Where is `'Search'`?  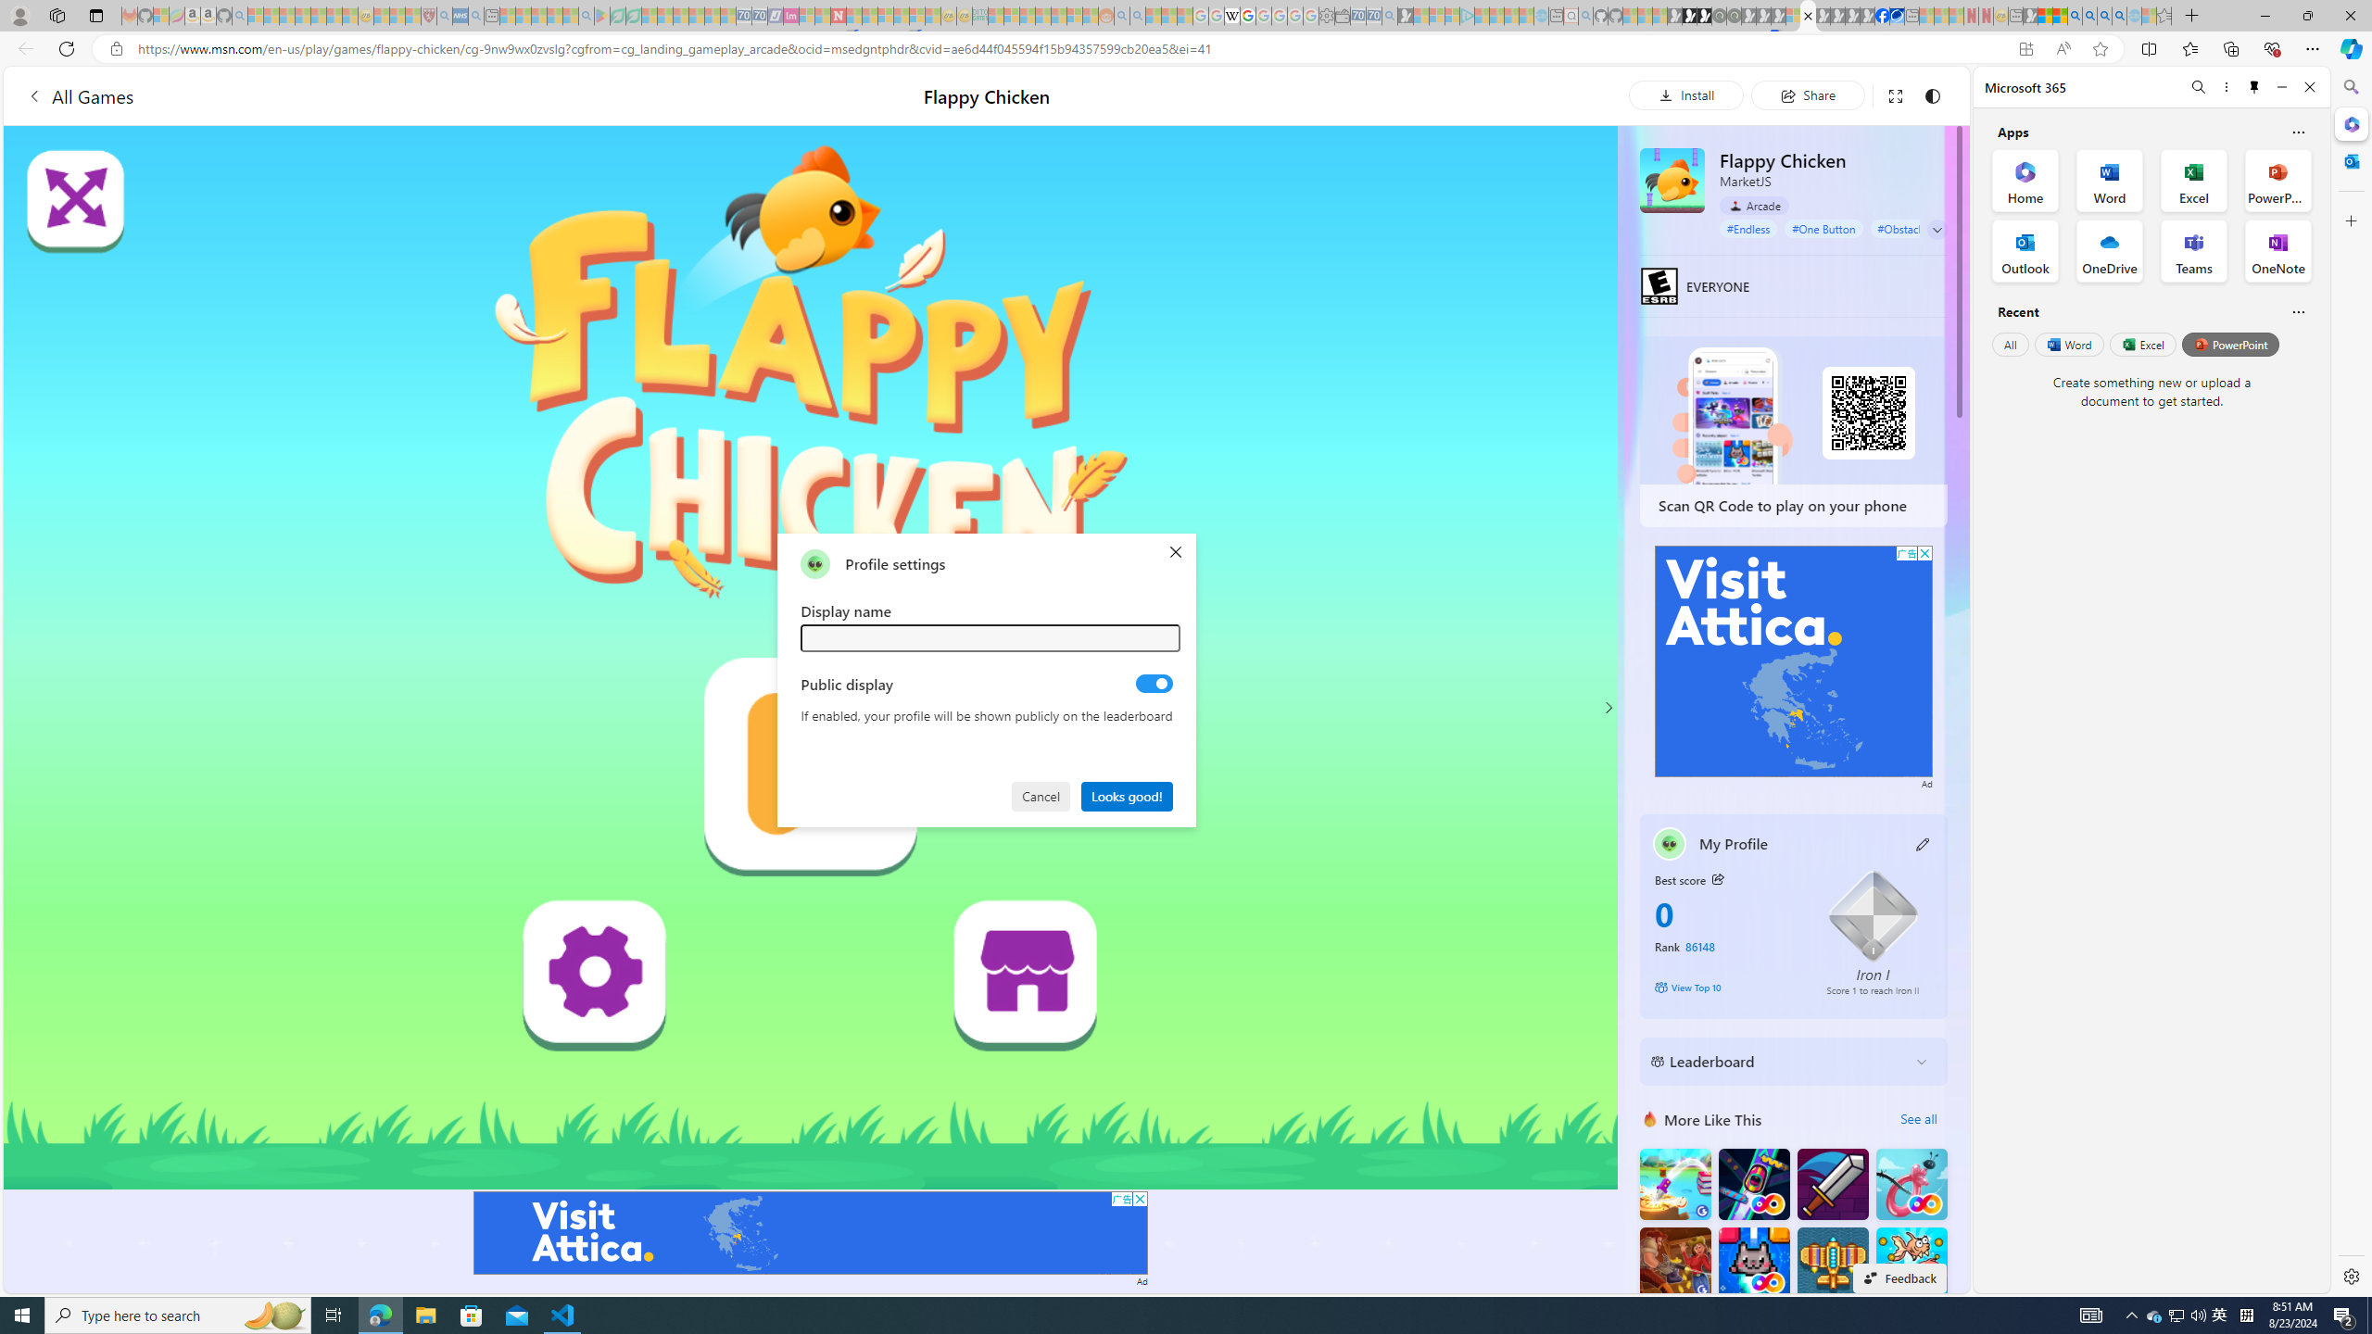
'Search' is located at coordinates (2349, 86).